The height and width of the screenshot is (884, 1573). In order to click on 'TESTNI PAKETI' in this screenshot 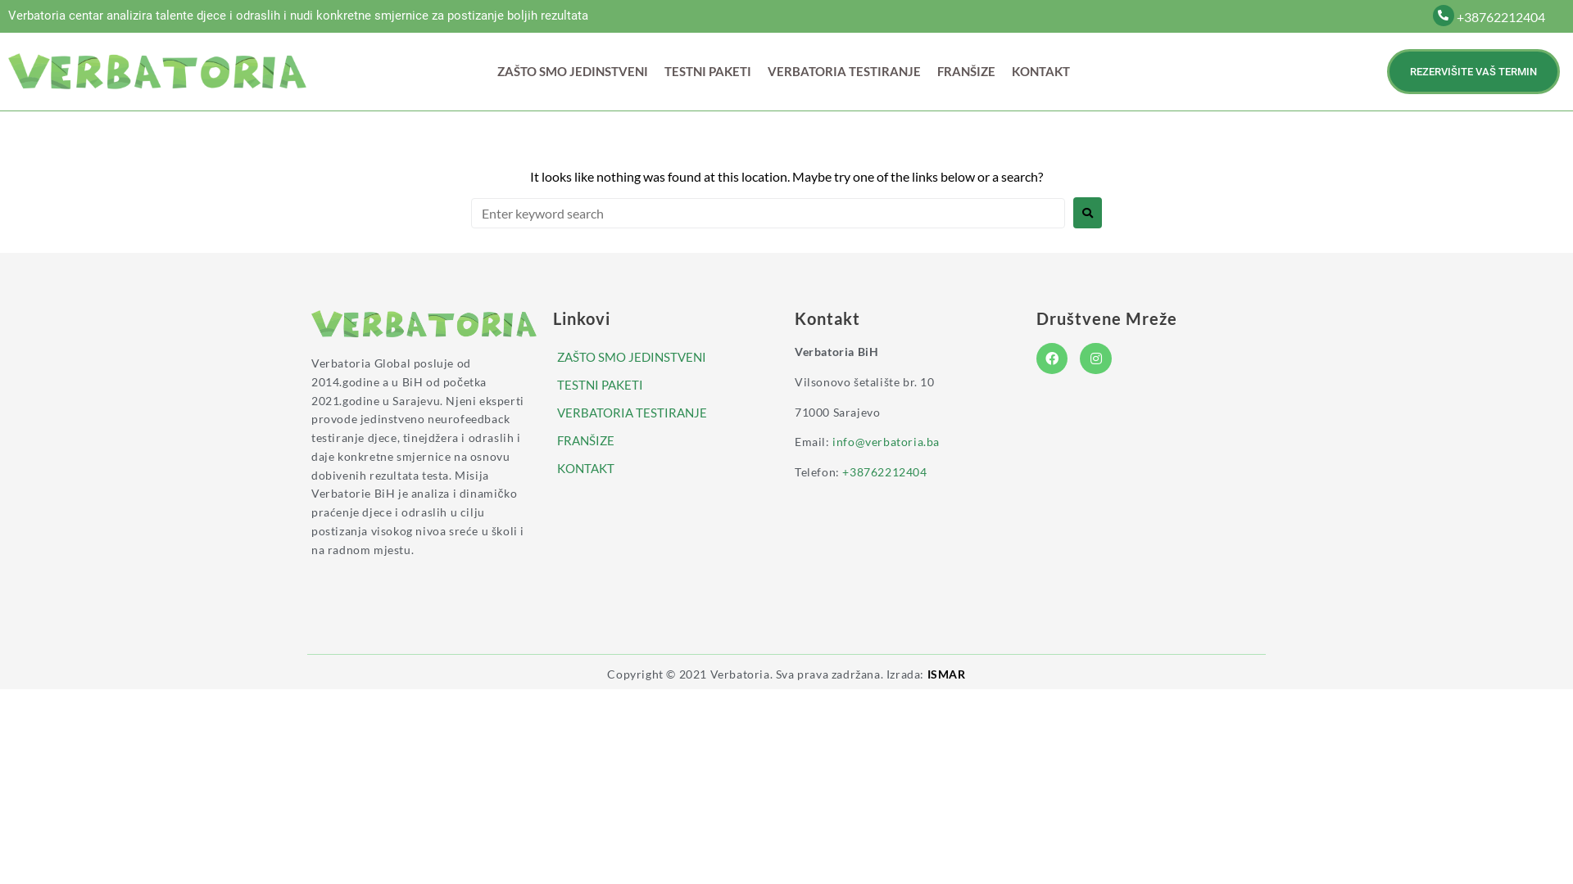, I will do `click(708, 70)`.